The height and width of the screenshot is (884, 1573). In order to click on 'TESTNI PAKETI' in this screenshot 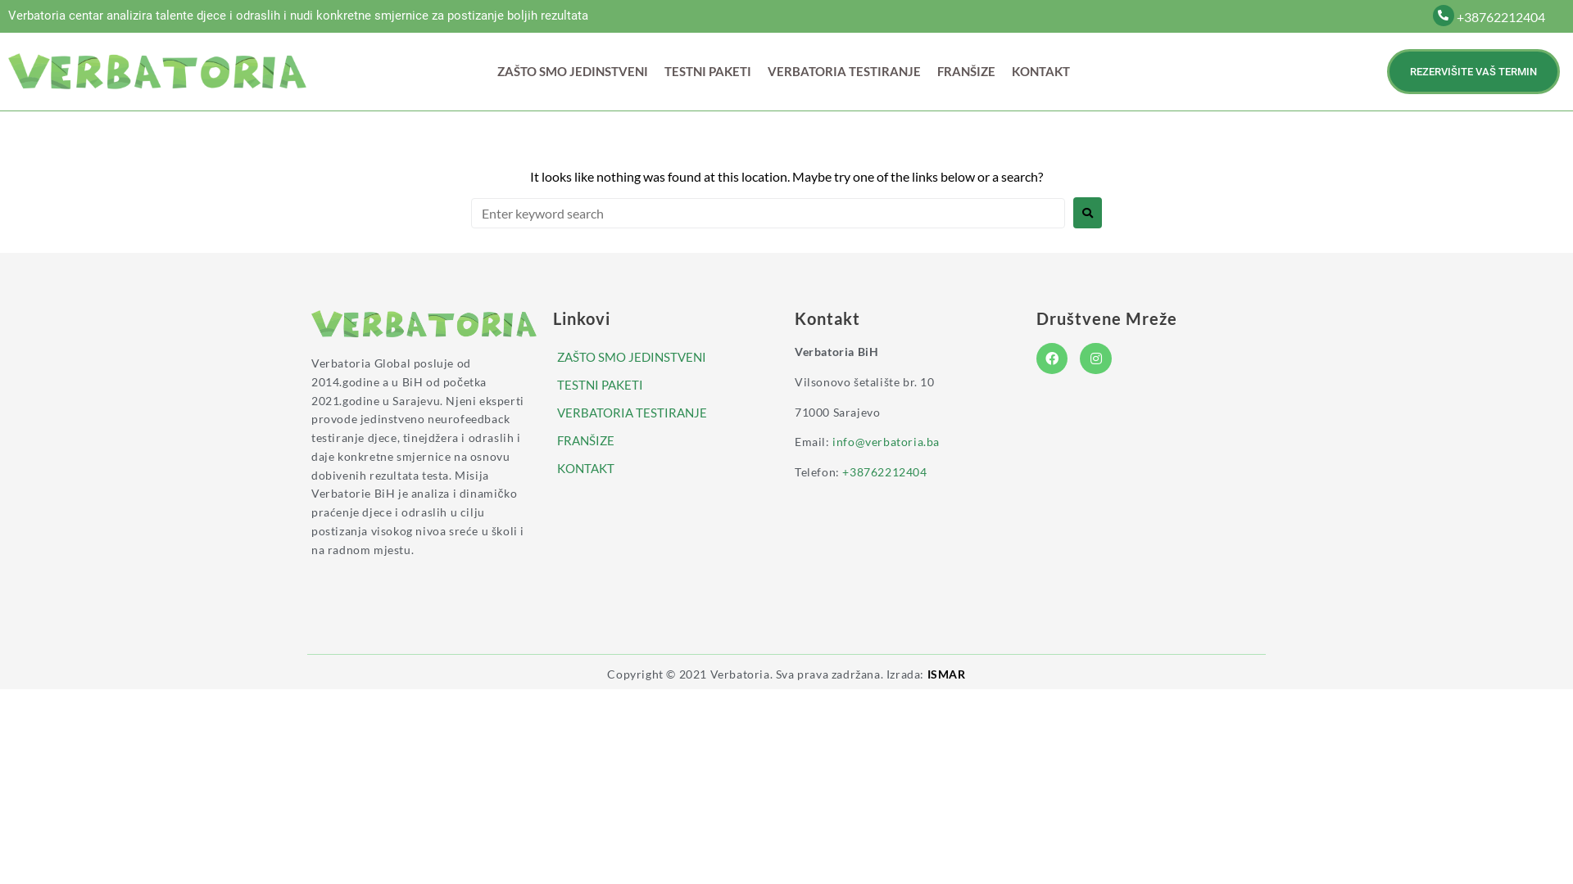, I will do `click(708, 70)`.